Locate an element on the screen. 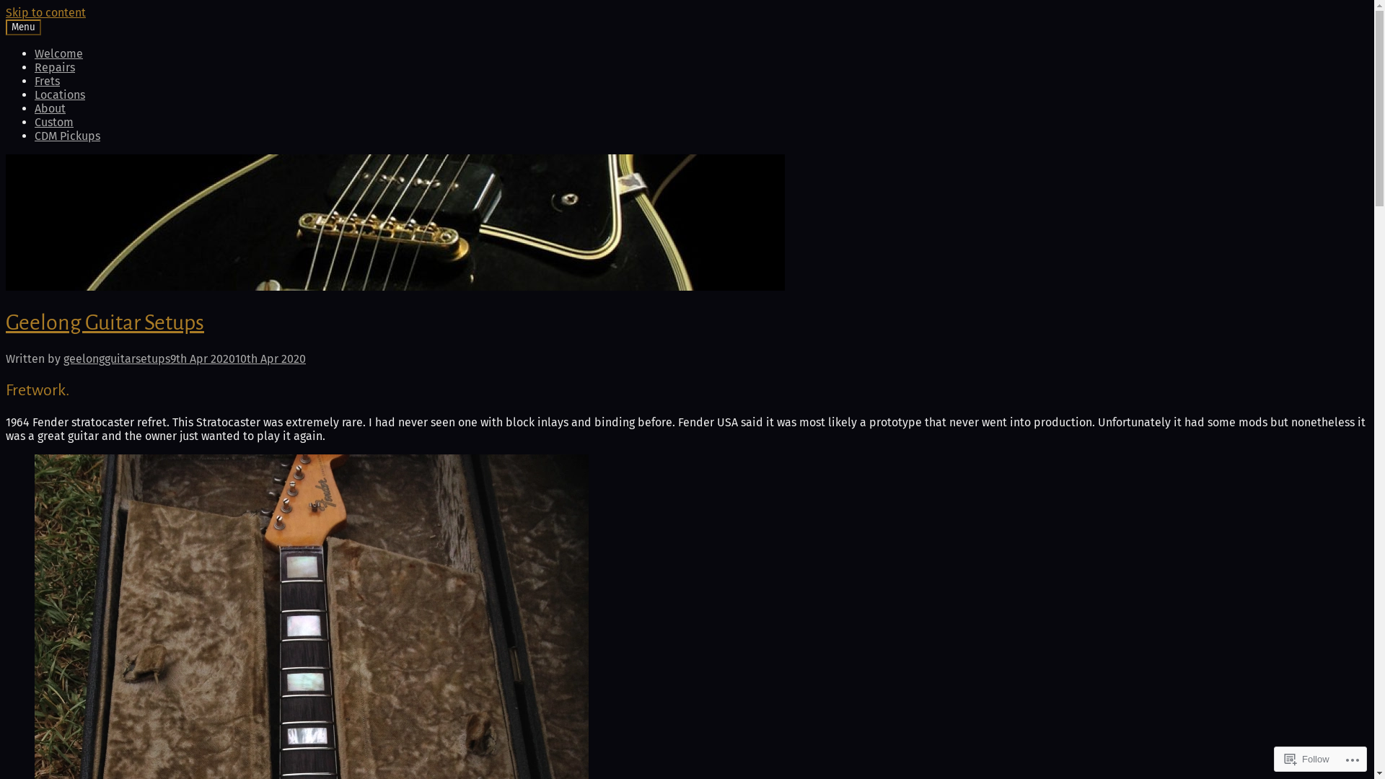 The width and height of the screenshot is (1385, 779). 'Menu' is located at coordinates (23, 27).